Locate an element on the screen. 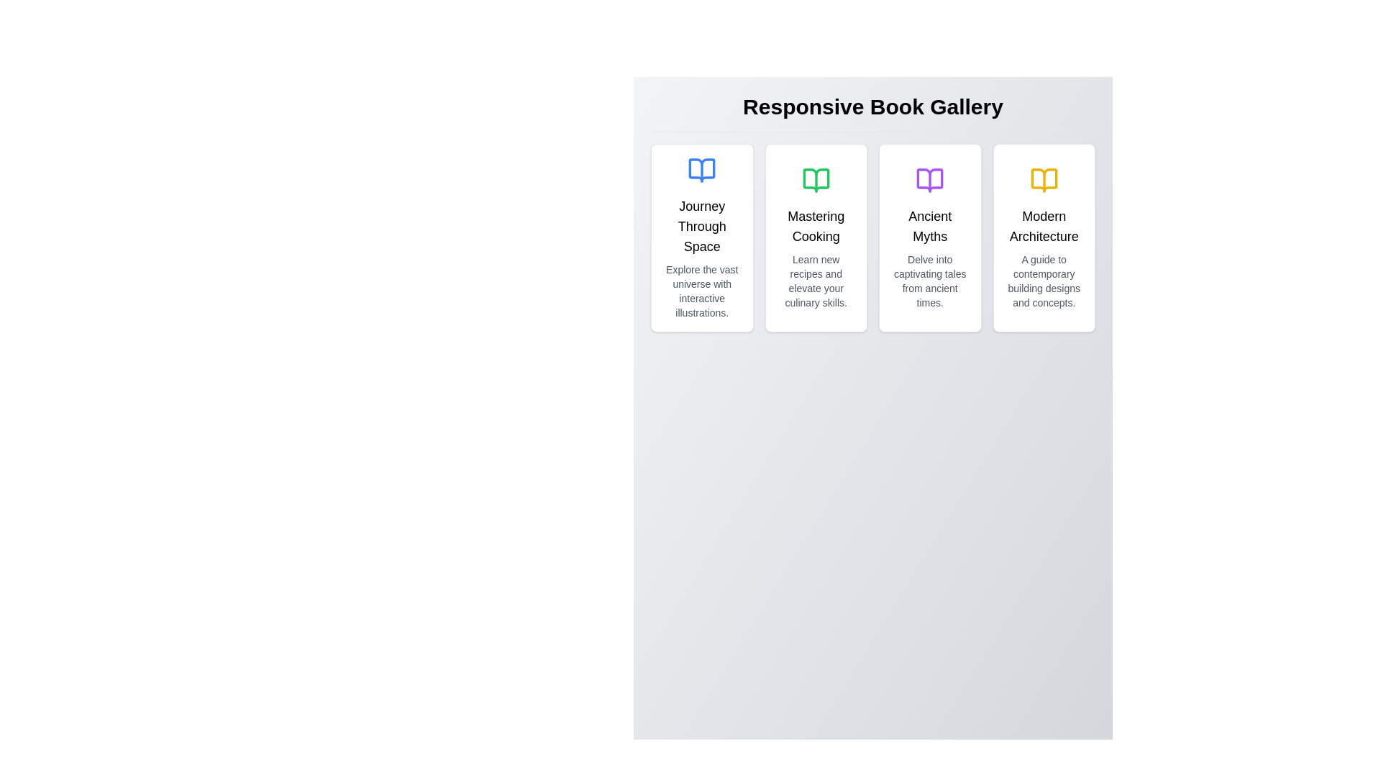  the styling of the text label titled 'Ancient Myths', located in the third column of a horizontally aligned grid of cards, positioned above a descriptive paragraph and below an open book icon is located at coordinates (930, 227).